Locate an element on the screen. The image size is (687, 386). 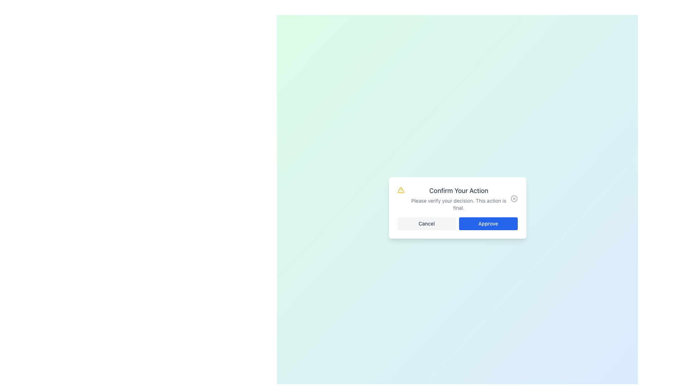
notification text located in the top section of the modal dialog box, positioned to the left of the close icon and above the action buttons is located at coordinates (453, 198).